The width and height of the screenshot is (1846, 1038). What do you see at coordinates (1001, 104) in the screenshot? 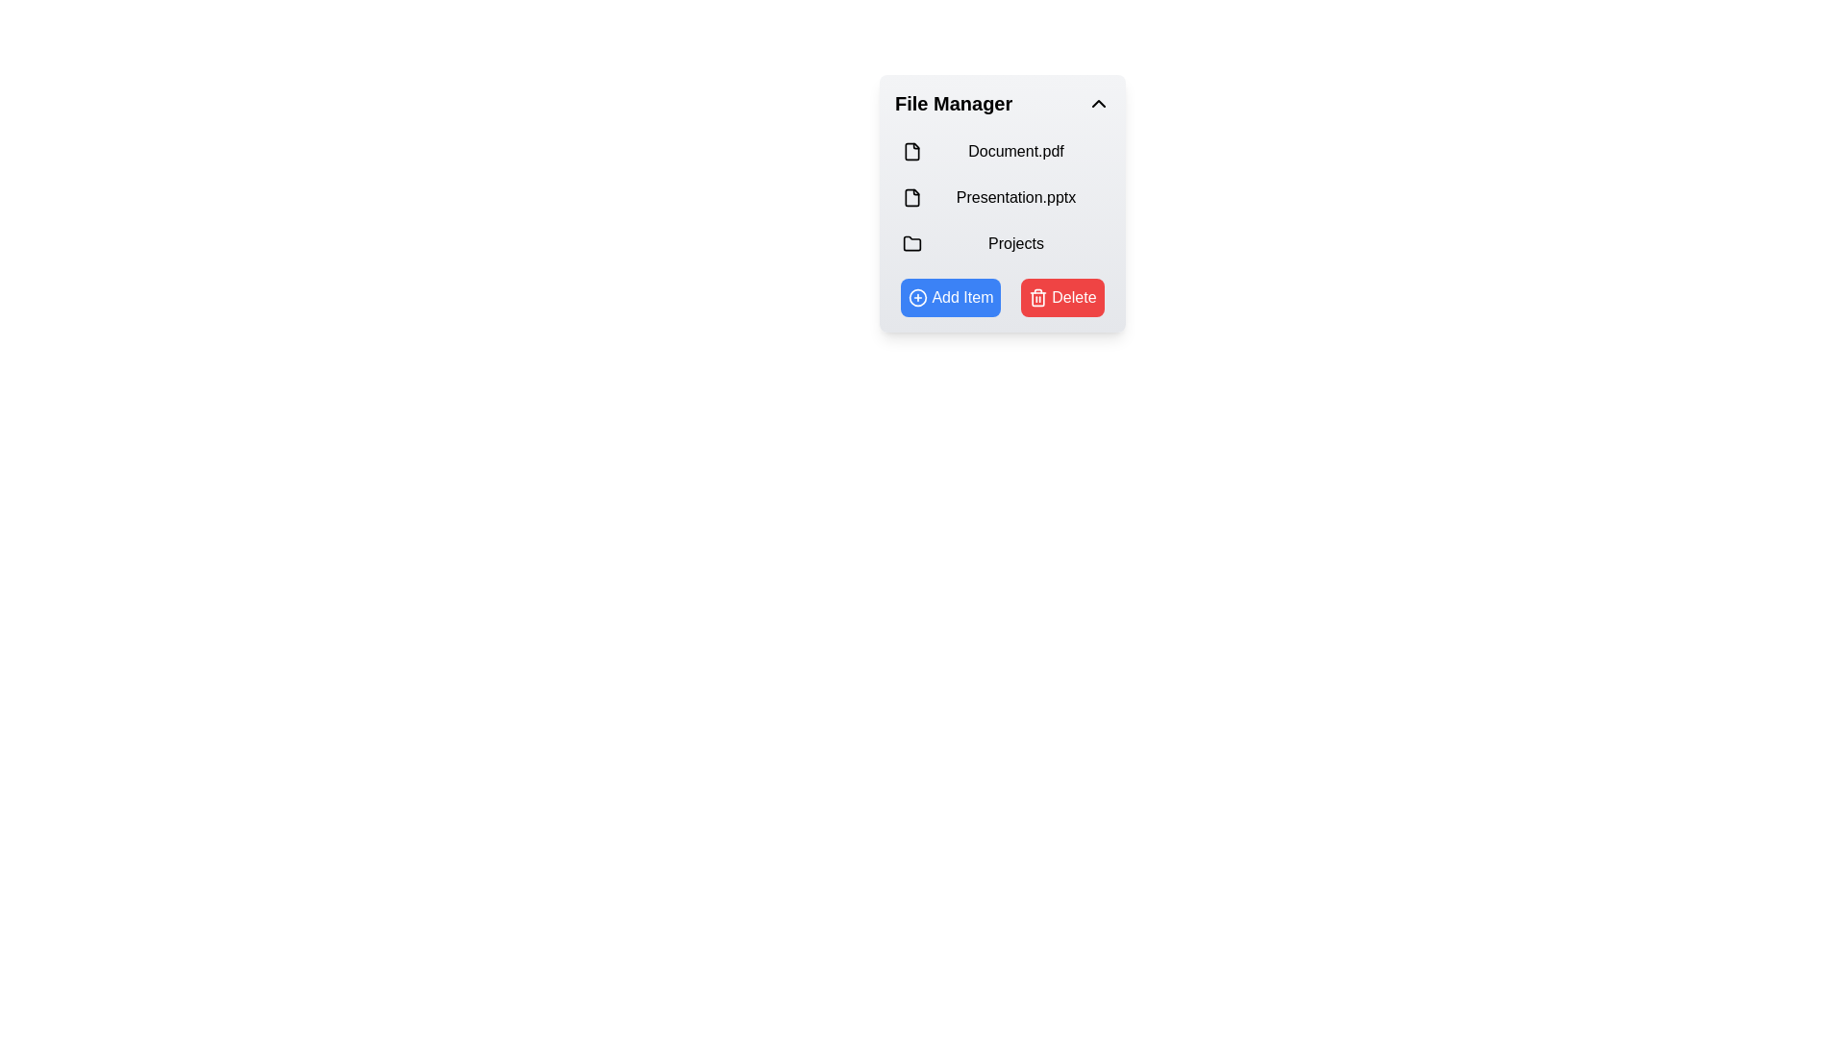
I see `on the 'File Manager' dropdown header which is styled with a light background and includes a chevron icon for toggling the section` at bounding box center [1001, 104].